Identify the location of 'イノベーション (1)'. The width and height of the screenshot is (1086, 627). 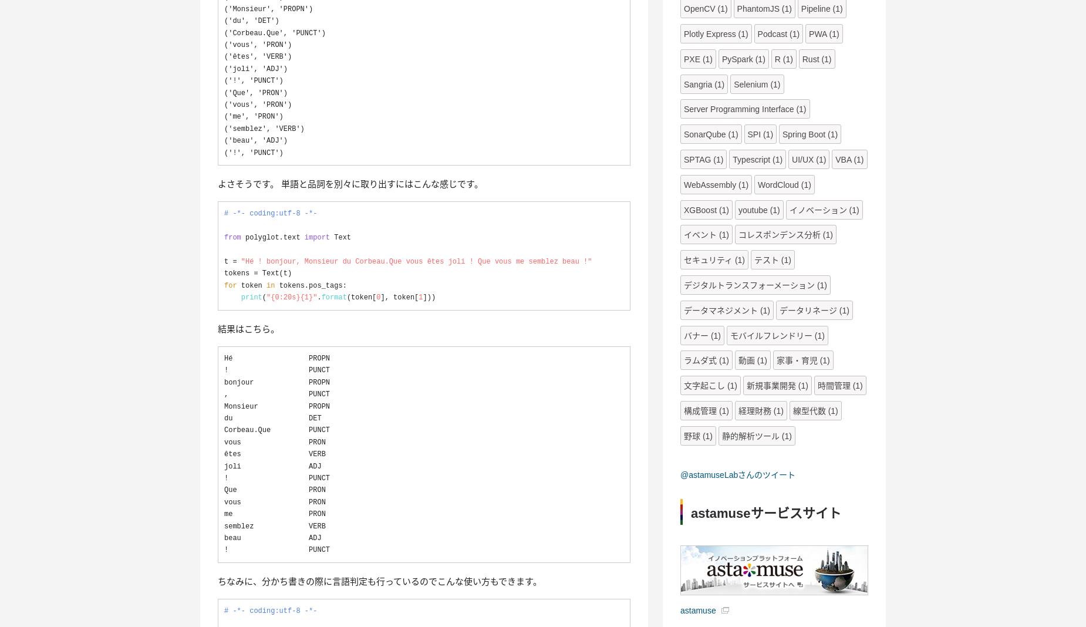
(824, 209).